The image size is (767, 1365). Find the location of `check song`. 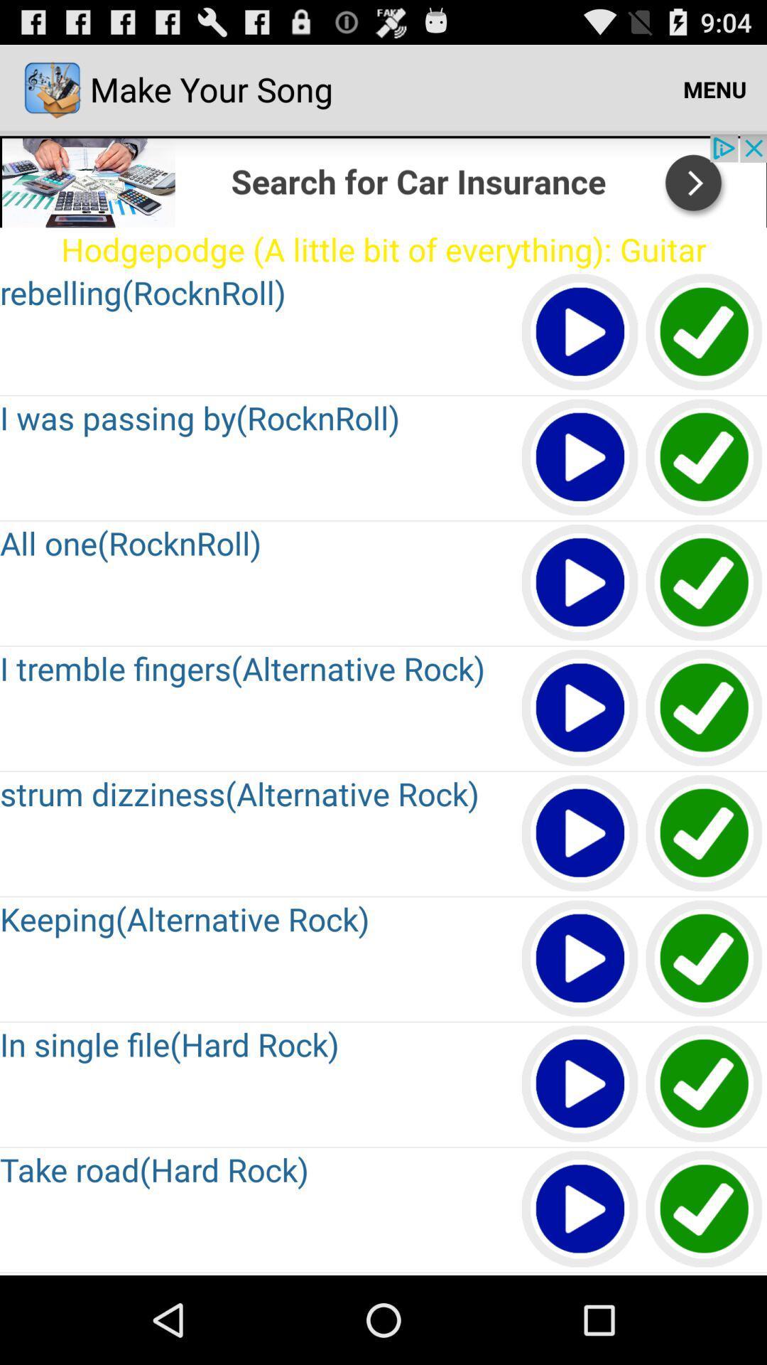

check song is located at coordinates (705, 709).